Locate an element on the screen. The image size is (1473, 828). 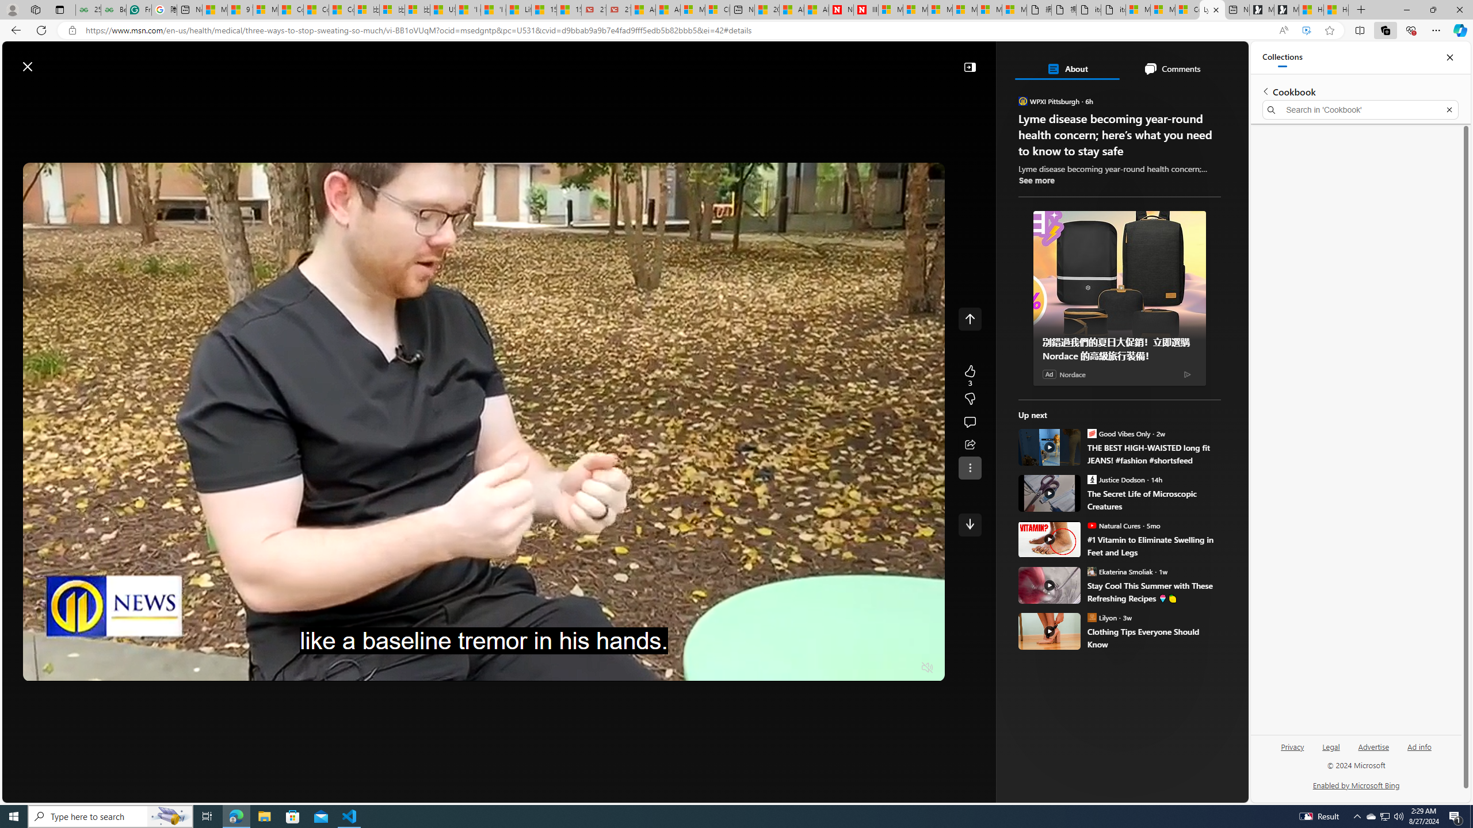
'Class: control icon-only' is located at coordinates (969, 319).